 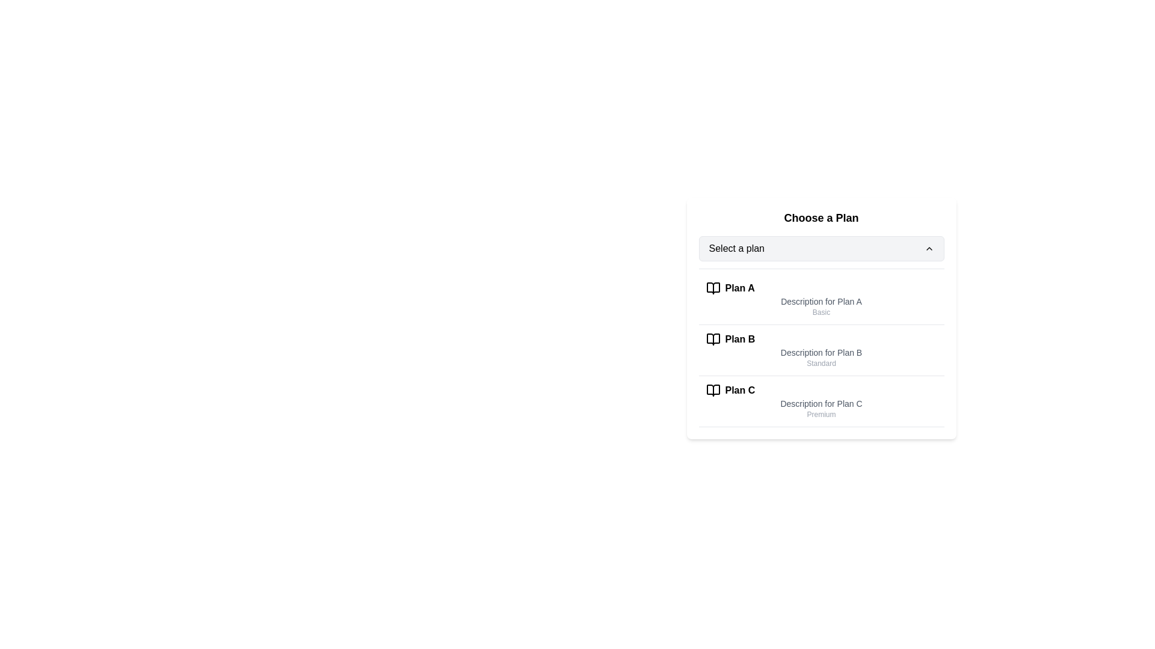 What do you see at coordinates (713, 288) in the screenshot?
I see `the icon representing 'Plan A' located near the top of the plan selection interface, aligned to the left of the text 'Plan A'` at bounding box center [713, 288].